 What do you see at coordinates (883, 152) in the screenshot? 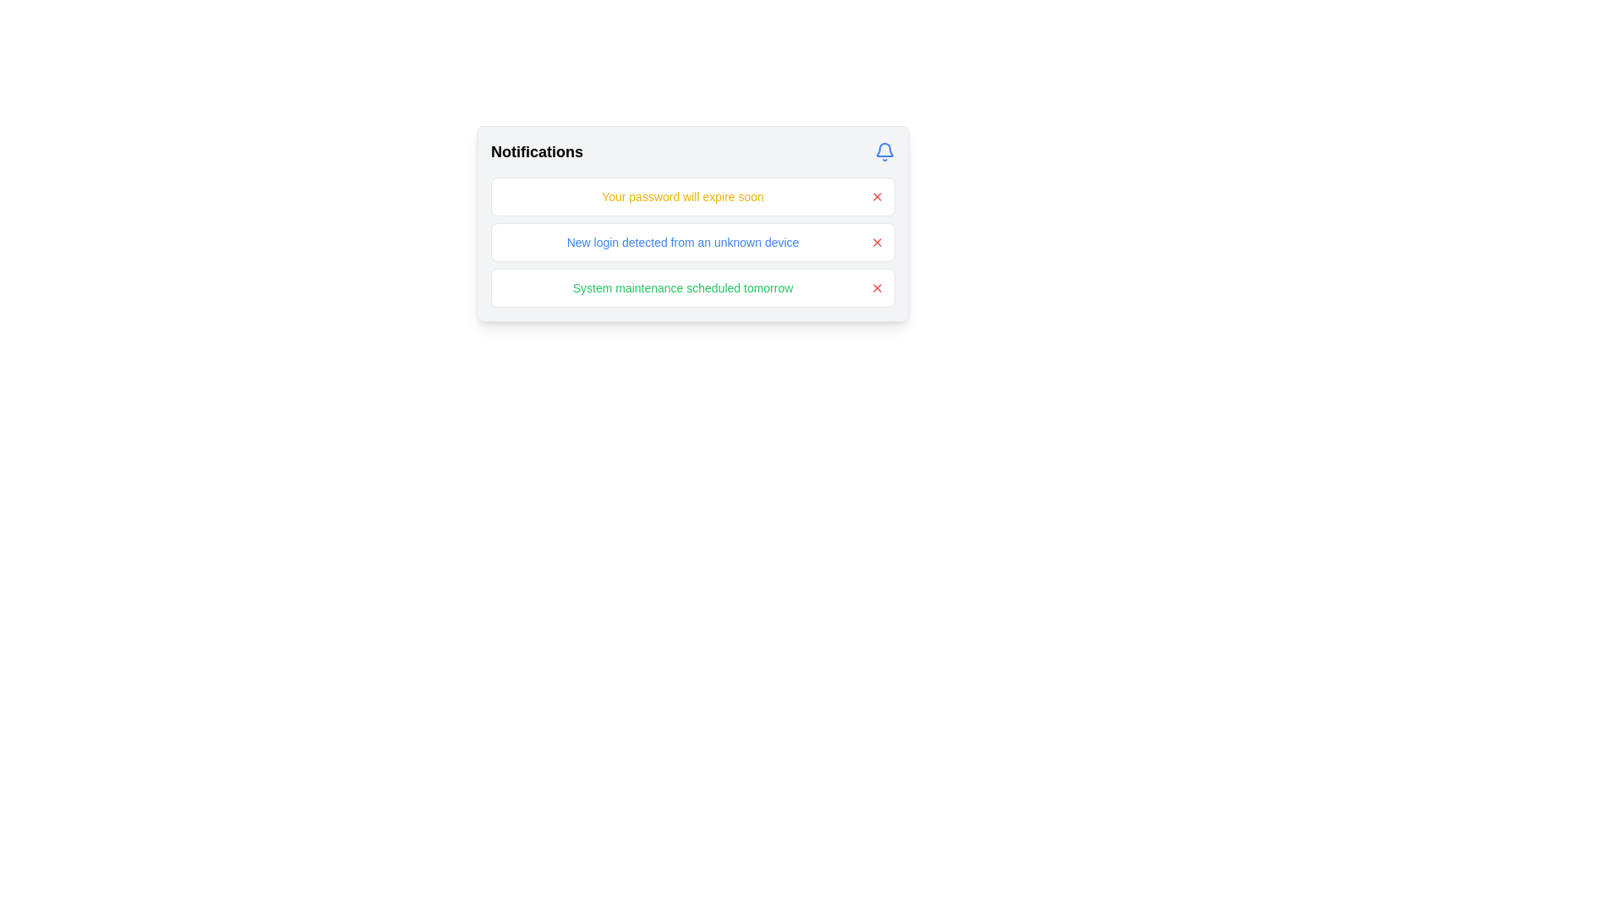
I see `the notifications bell icon located at the top-right of the notifications section, aligned with the 'Notifications' text` at bounding box center [883, 152].